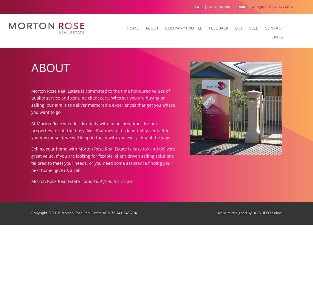  Describe the element at coordinates (274, 27) in the screenshot. I see `'CONTACT'` at that location.